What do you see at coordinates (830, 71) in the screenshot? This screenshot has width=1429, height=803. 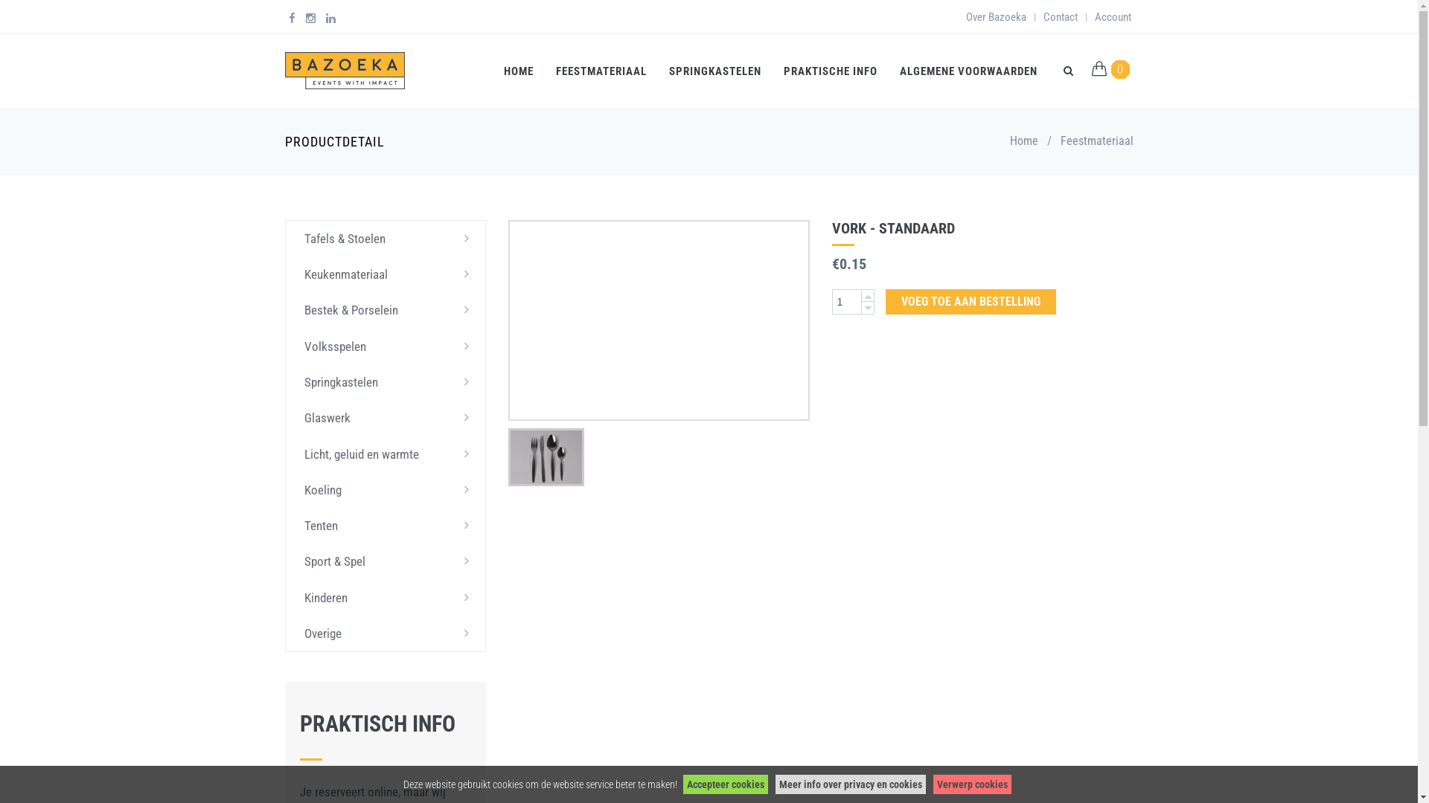 I see `'PRAKTISCHE INFO'` at bounding box center [830, 71].